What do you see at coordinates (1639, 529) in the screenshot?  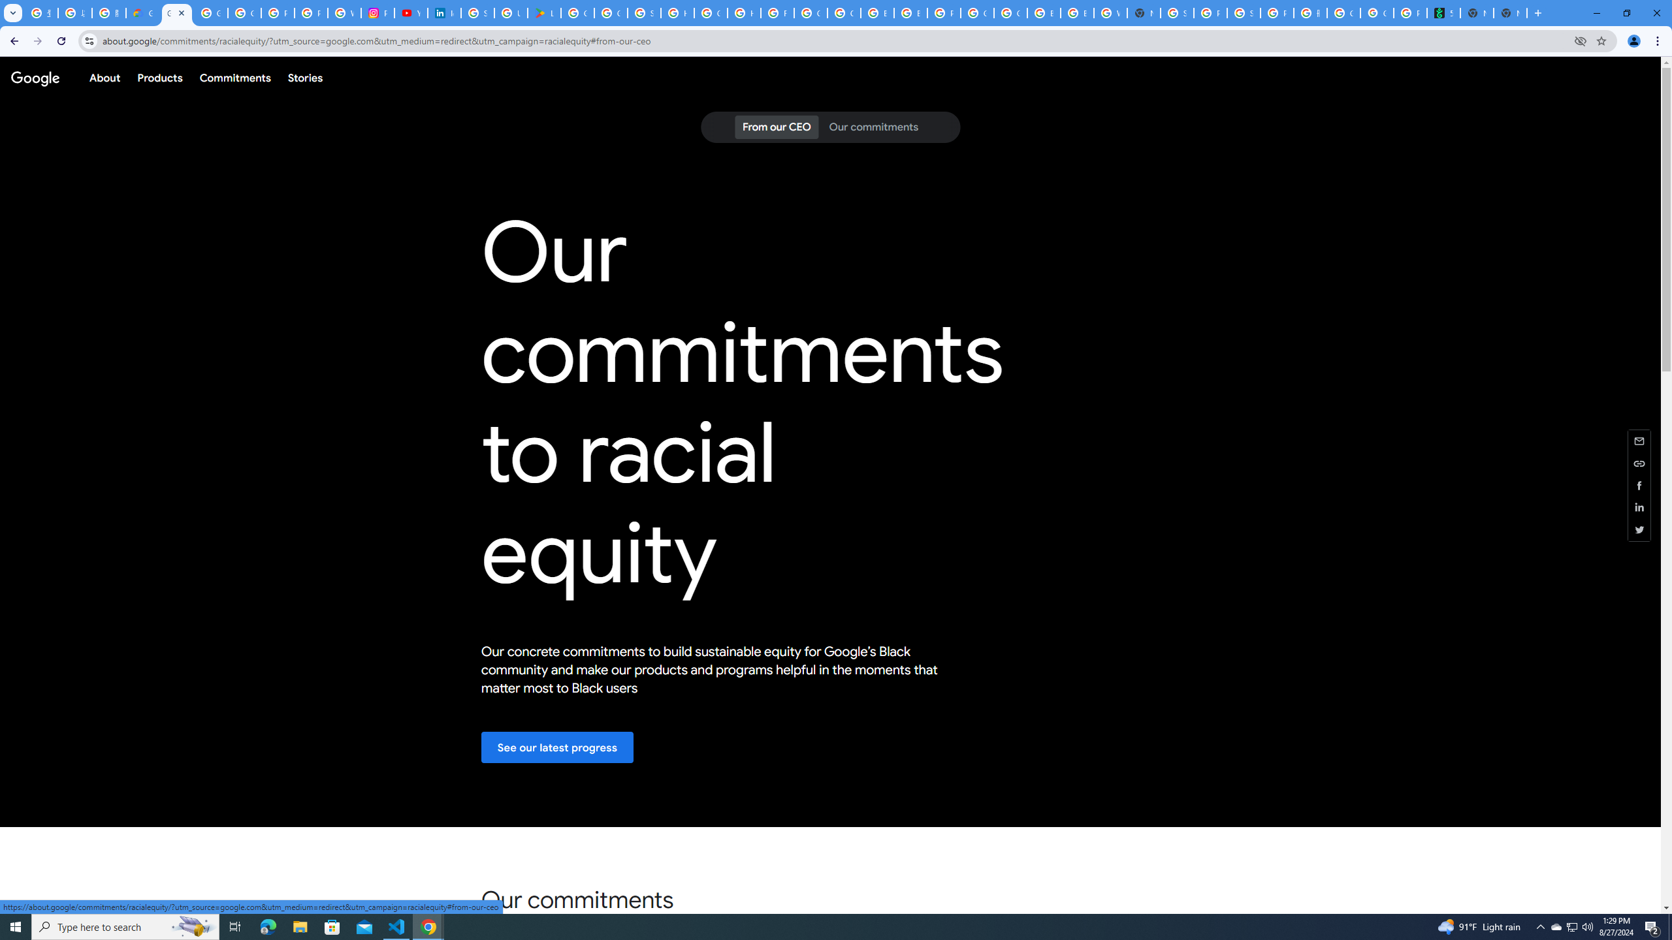 I see `'Share this page (Twitter)'` at bounding box center [1639, 529].